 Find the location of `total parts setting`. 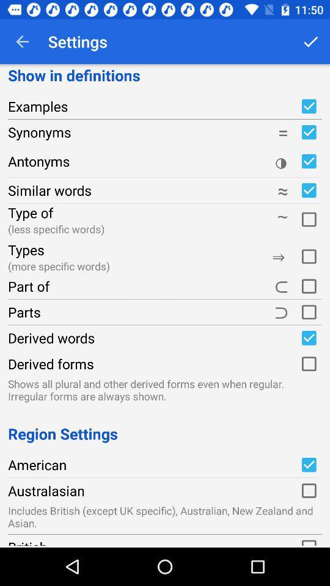

total parts setting is located at coordinates (308, 311).